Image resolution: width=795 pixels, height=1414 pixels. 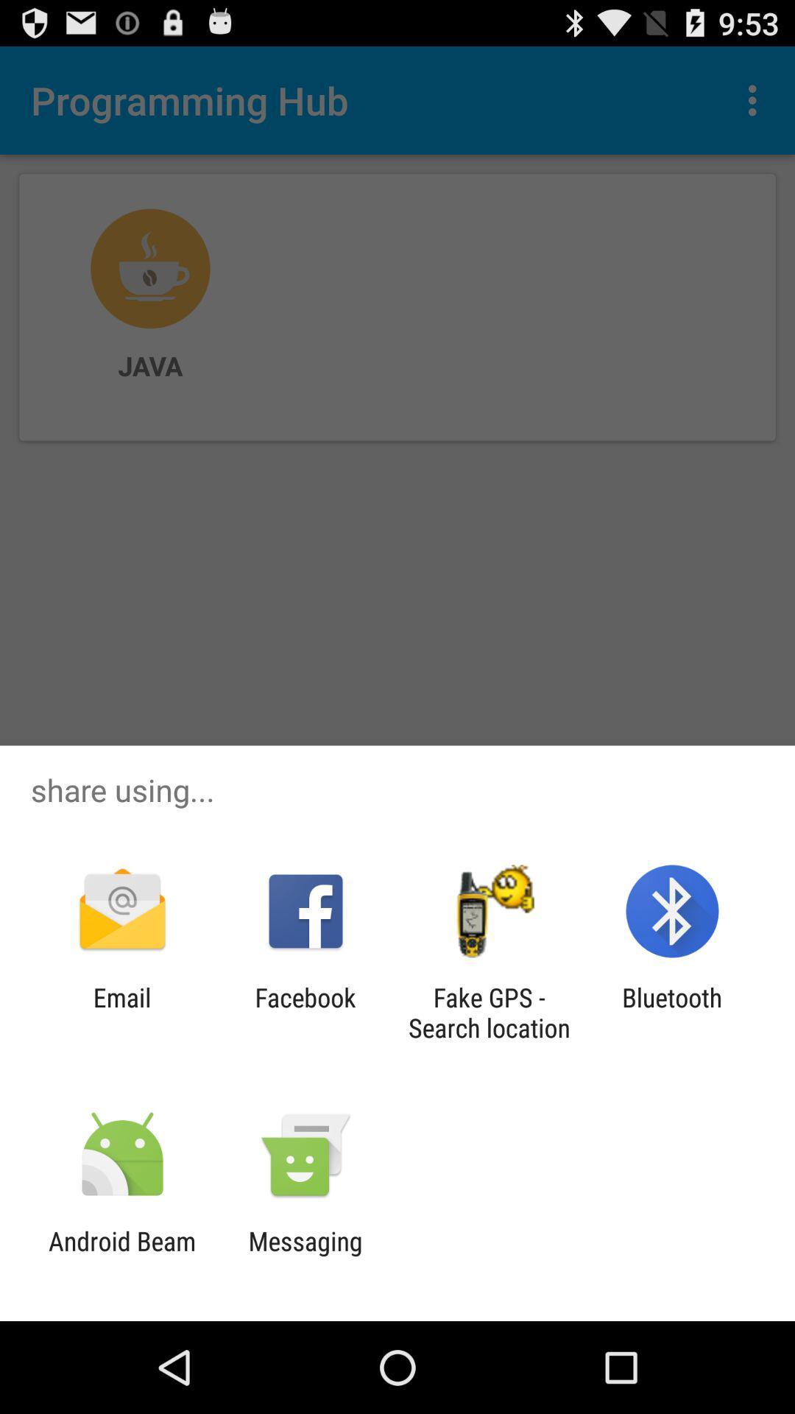 I want to click on the fake gps search app, so click(x=489, y=1012).